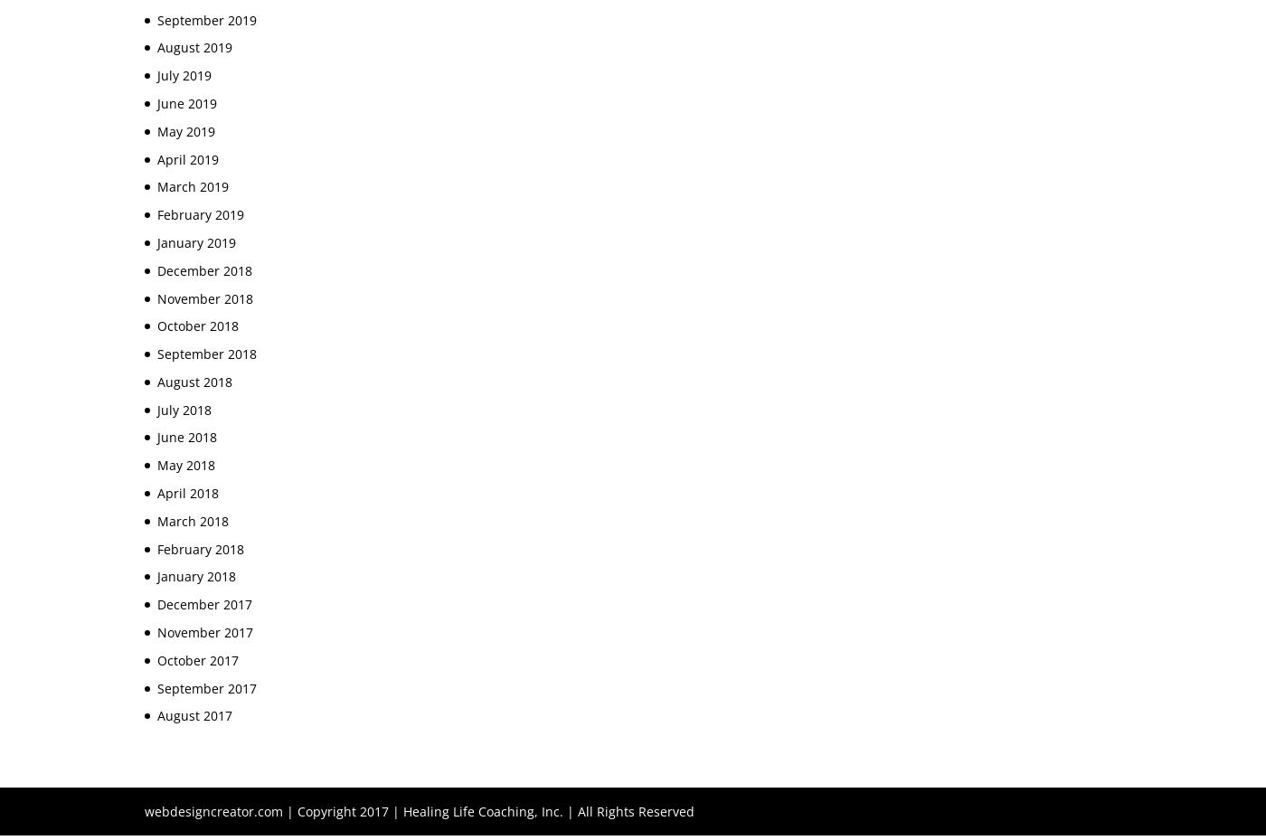 The width and height of the screenshot is (1266, 840). Describe the element at coordinates (197, 326) in the screenshot. I see `'October 2018'` at that location.